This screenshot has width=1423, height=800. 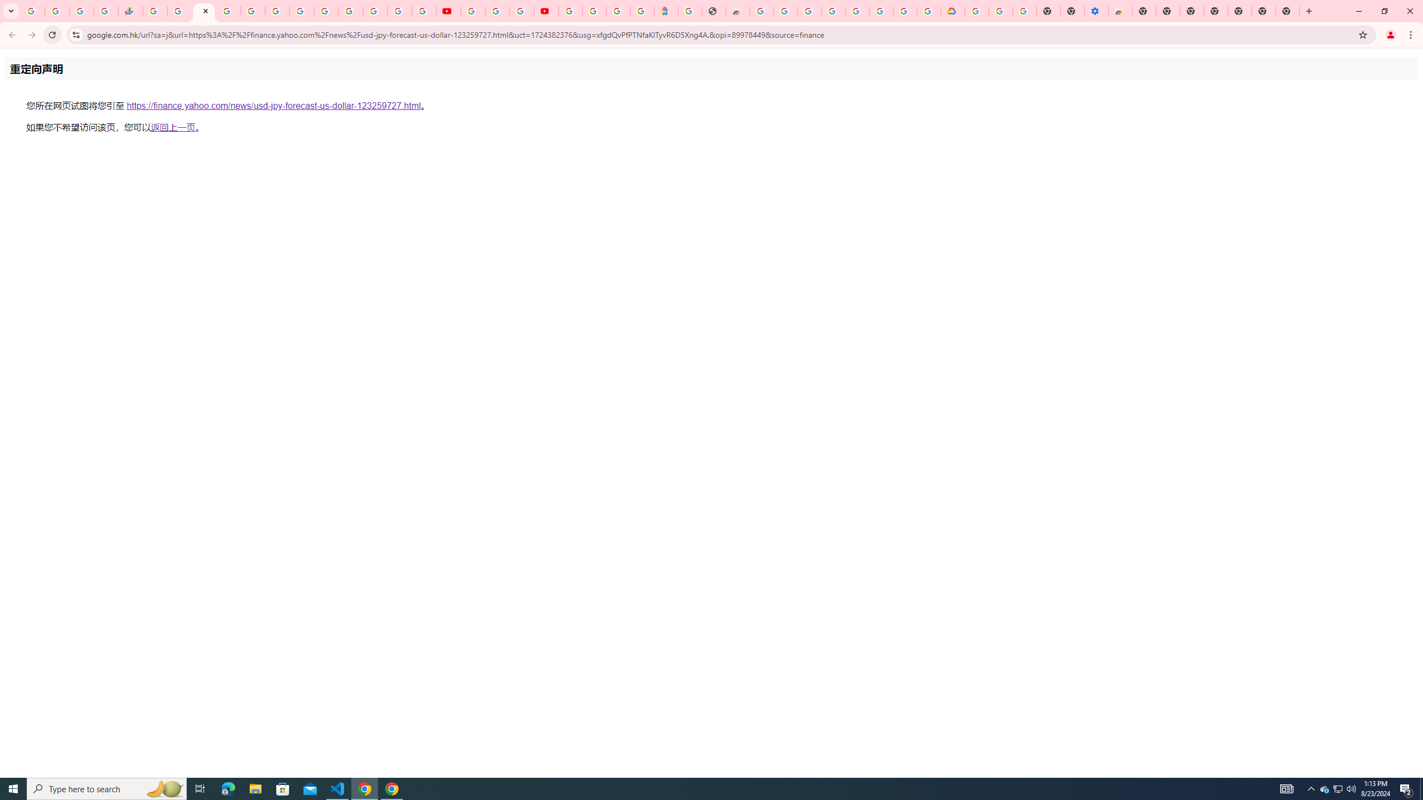 I want to click on 'Settings - Accessibility', so click(x=1096, y=11).